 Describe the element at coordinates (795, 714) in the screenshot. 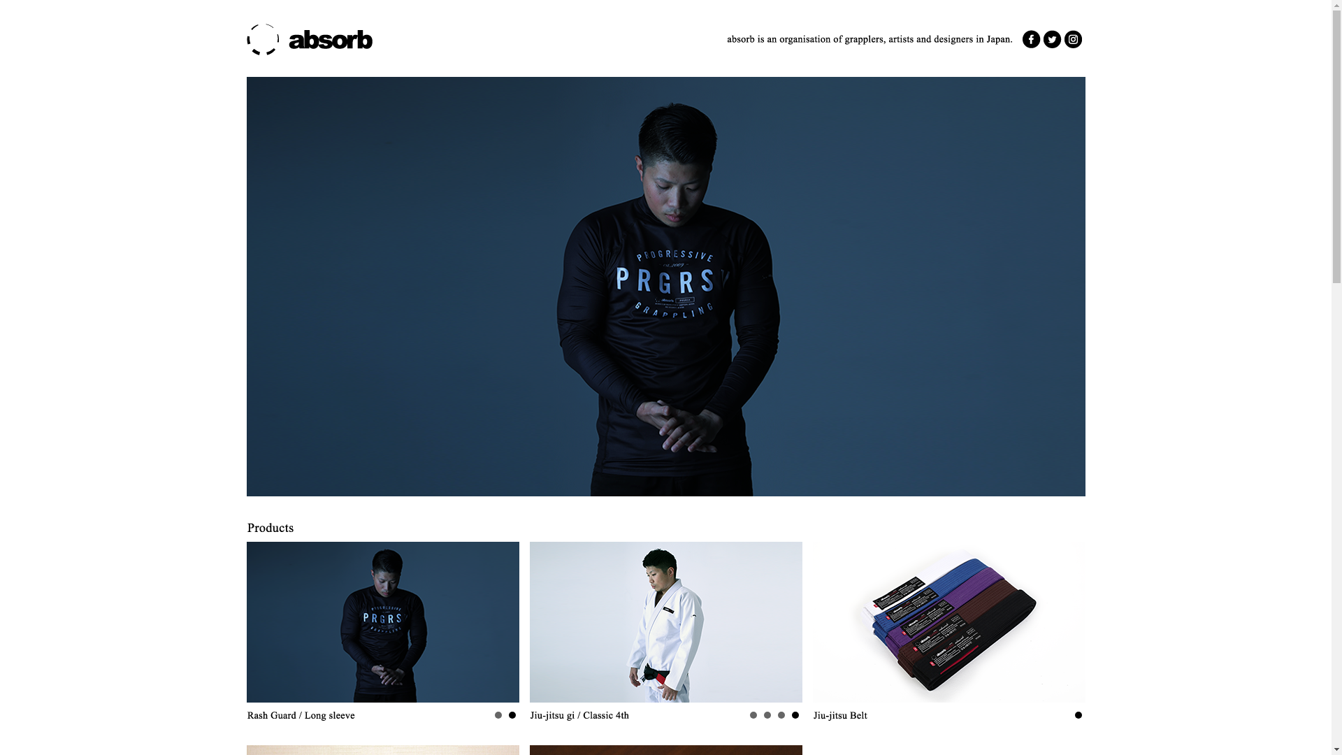

I see `'1'` at that location.